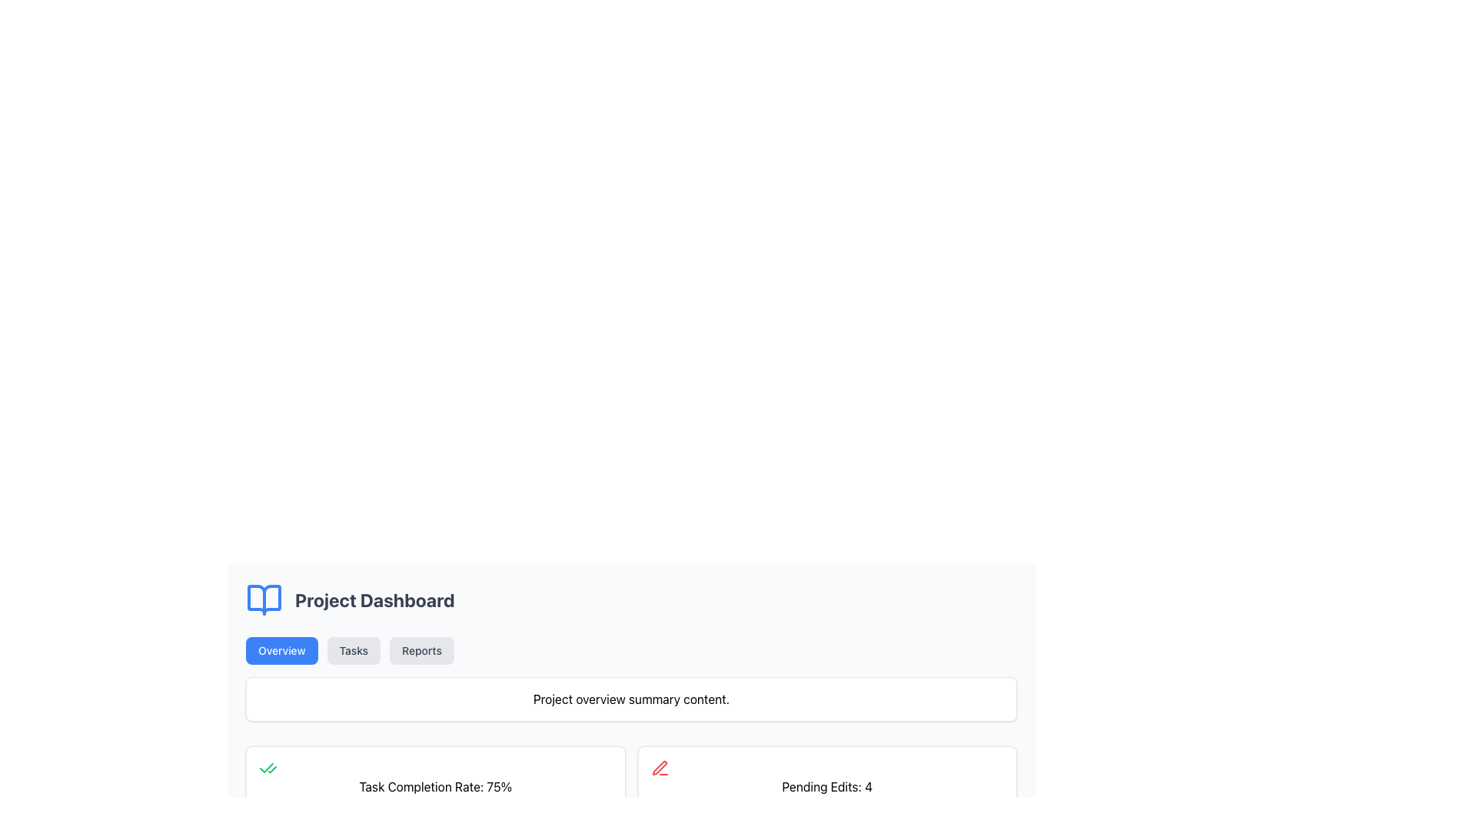 The height and width of the screenshot is (830, 1476). I want to click on information displayed on the Informational card showing the current count of pending edits, which is located in the lower portion of the interface and is the second item in a row of similar cards, so click(826, 777).